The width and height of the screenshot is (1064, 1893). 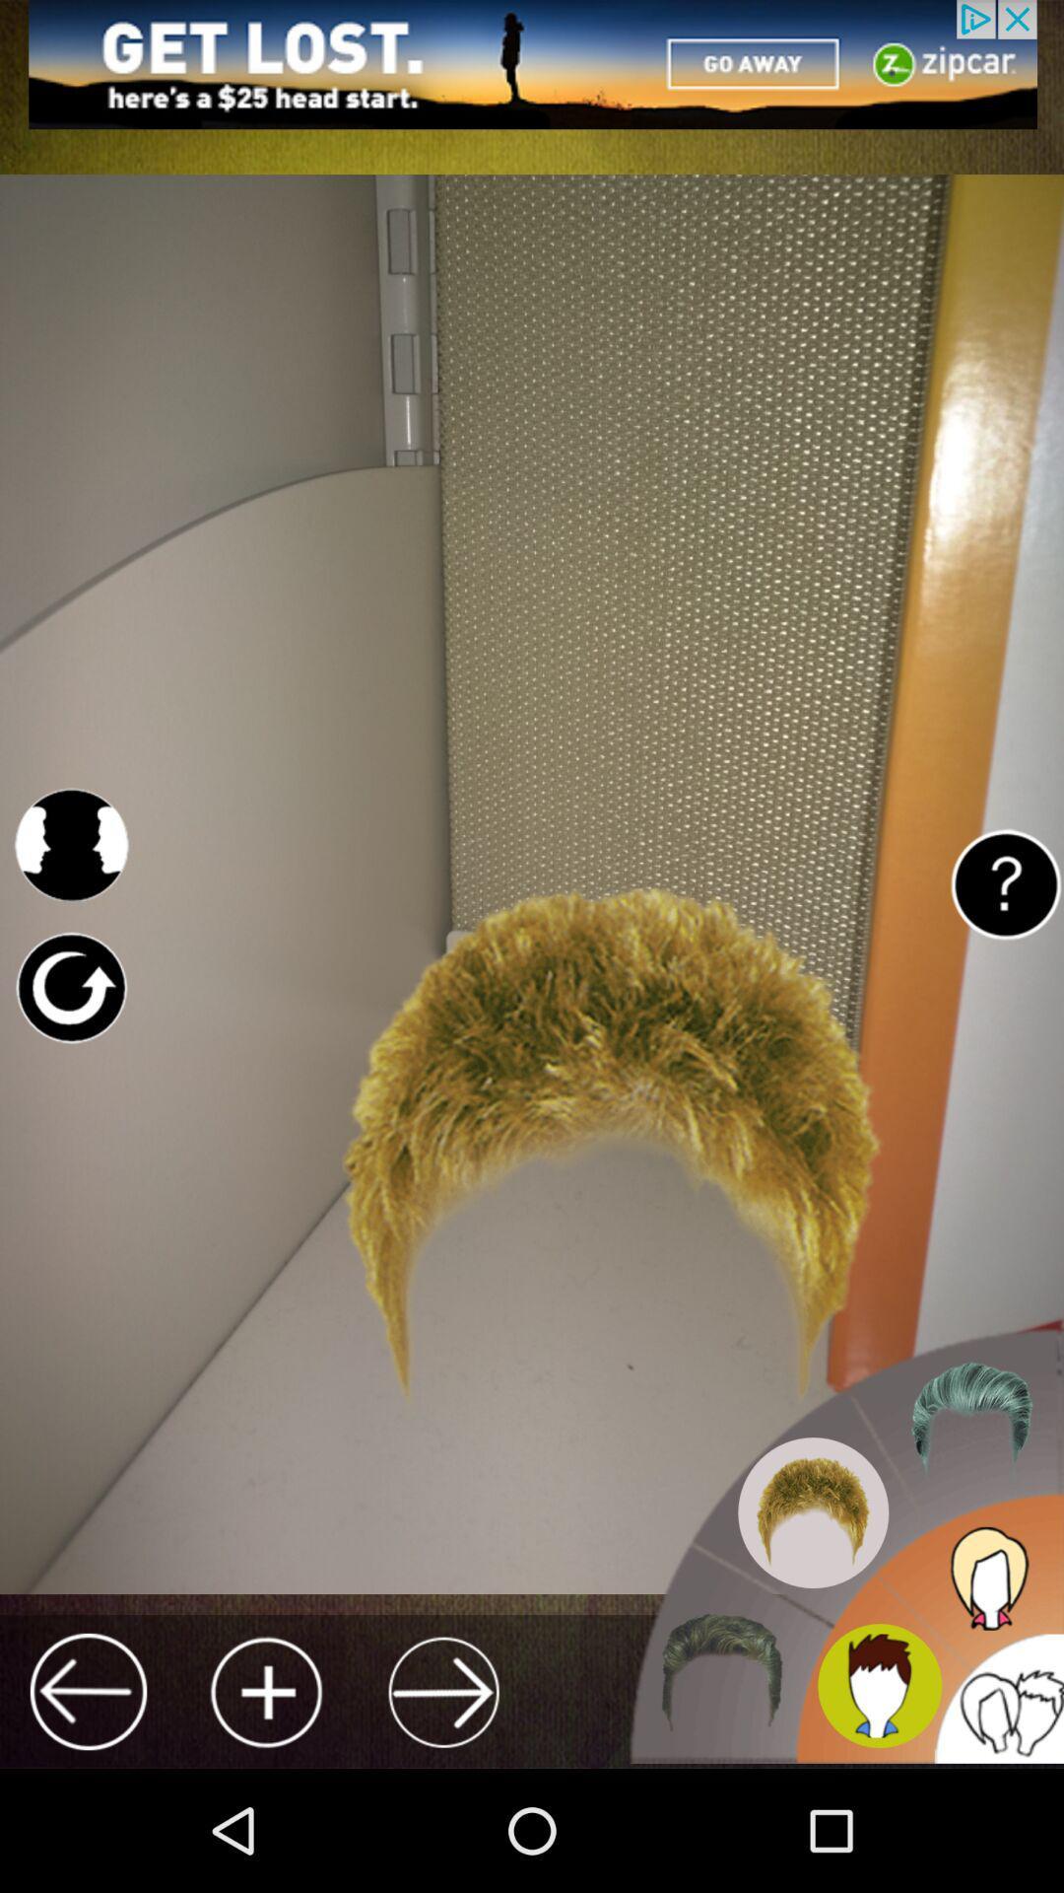 What do you see at coordinates (443, 1691) in the screenshot?
I see `next hairstyle` at bounding box center [443, 1691].